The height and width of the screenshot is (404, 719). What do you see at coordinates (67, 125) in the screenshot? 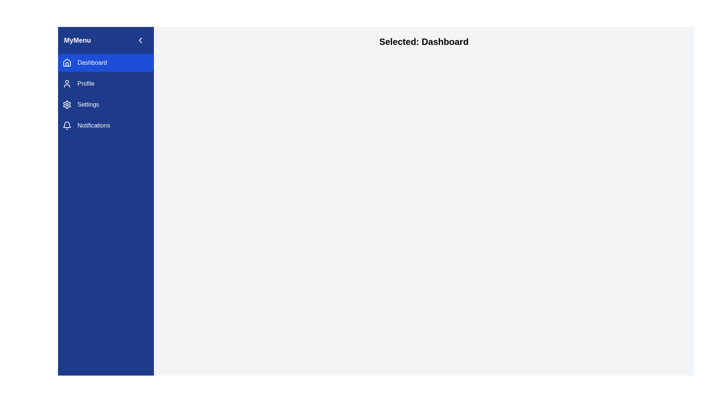
I see `the bell-shaped icon with a white outline against a blue background` at bounding box center [67, 125].